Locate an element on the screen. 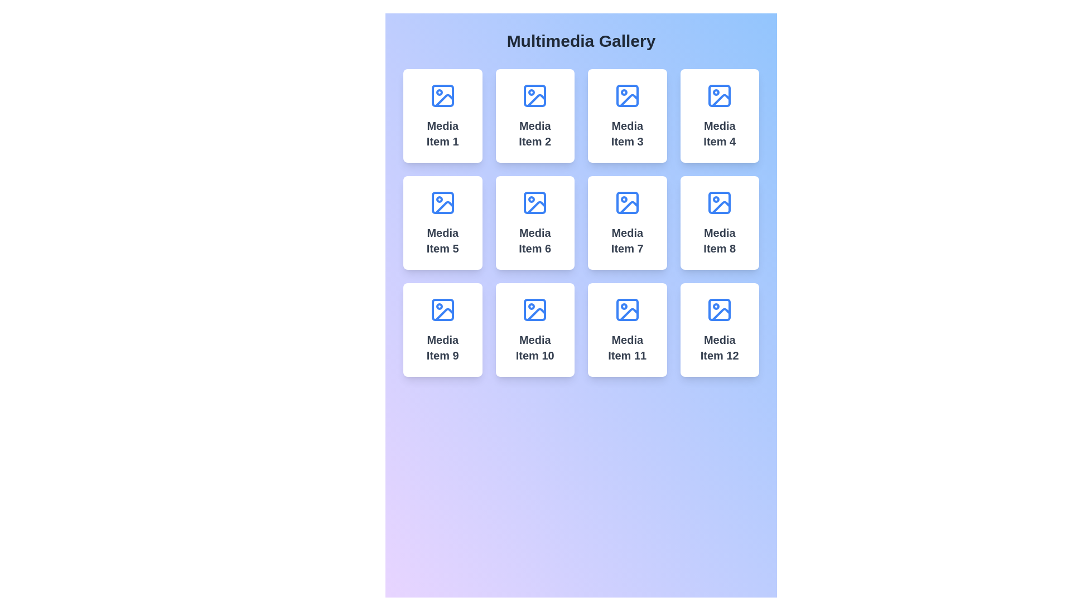  the decorative icon representing 'Media Item 8' located in the grid layout, specifically in the second row and fourth column, which enhances the visual appeal of the media item is located at coordinates (720, 202).